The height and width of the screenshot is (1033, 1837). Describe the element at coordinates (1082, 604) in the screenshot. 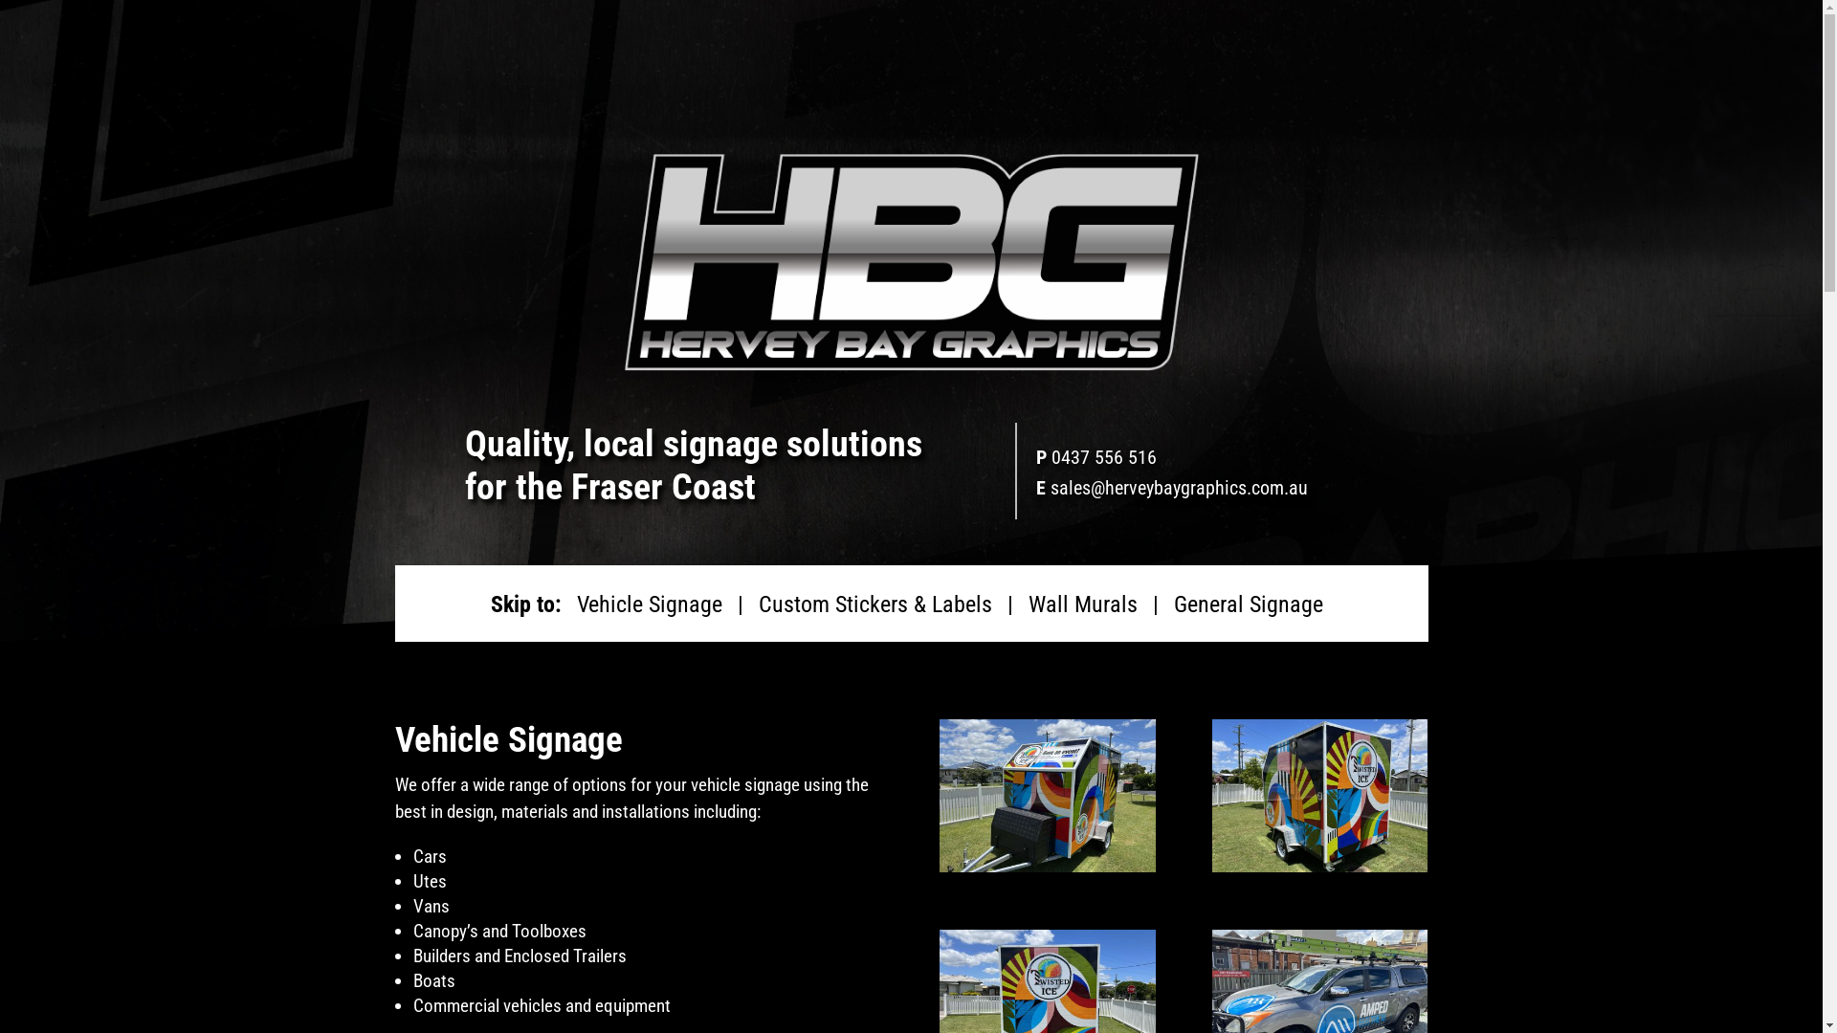

I see `'Wall Murals'` at that location.